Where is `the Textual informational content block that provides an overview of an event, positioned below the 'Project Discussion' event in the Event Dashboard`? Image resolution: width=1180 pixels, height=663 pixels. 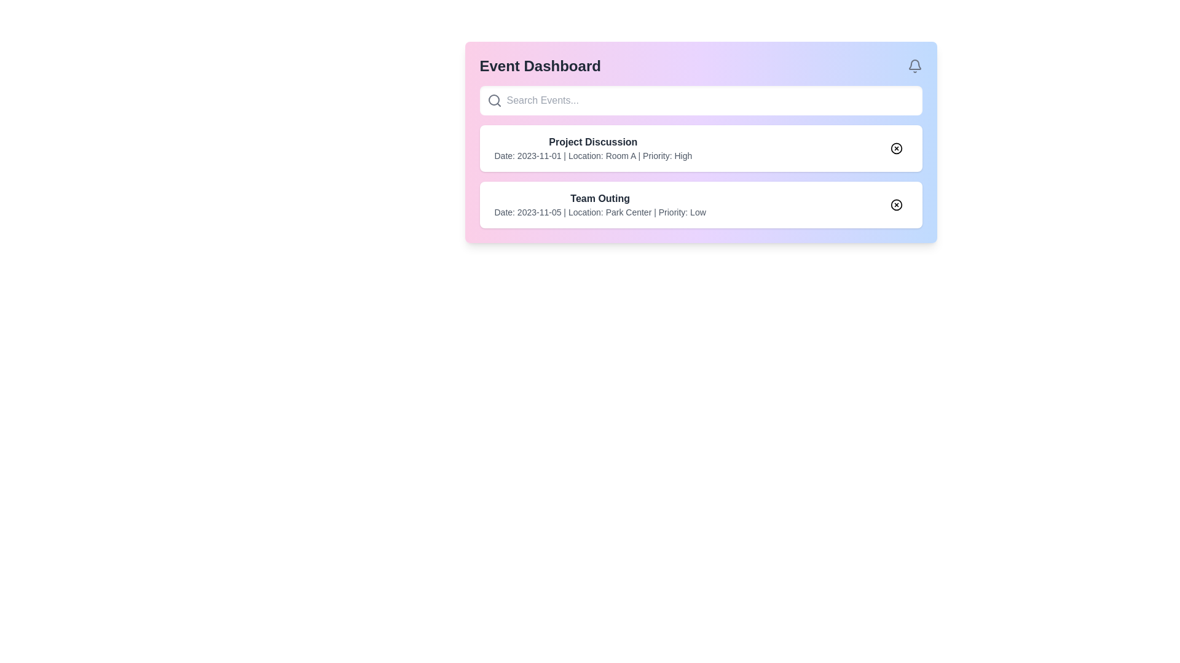
the Textual informational content block that provides an overview of an event, positioned below the 'Project Discussion' event in the Event Dashboard is located at coordinates (600, 204).